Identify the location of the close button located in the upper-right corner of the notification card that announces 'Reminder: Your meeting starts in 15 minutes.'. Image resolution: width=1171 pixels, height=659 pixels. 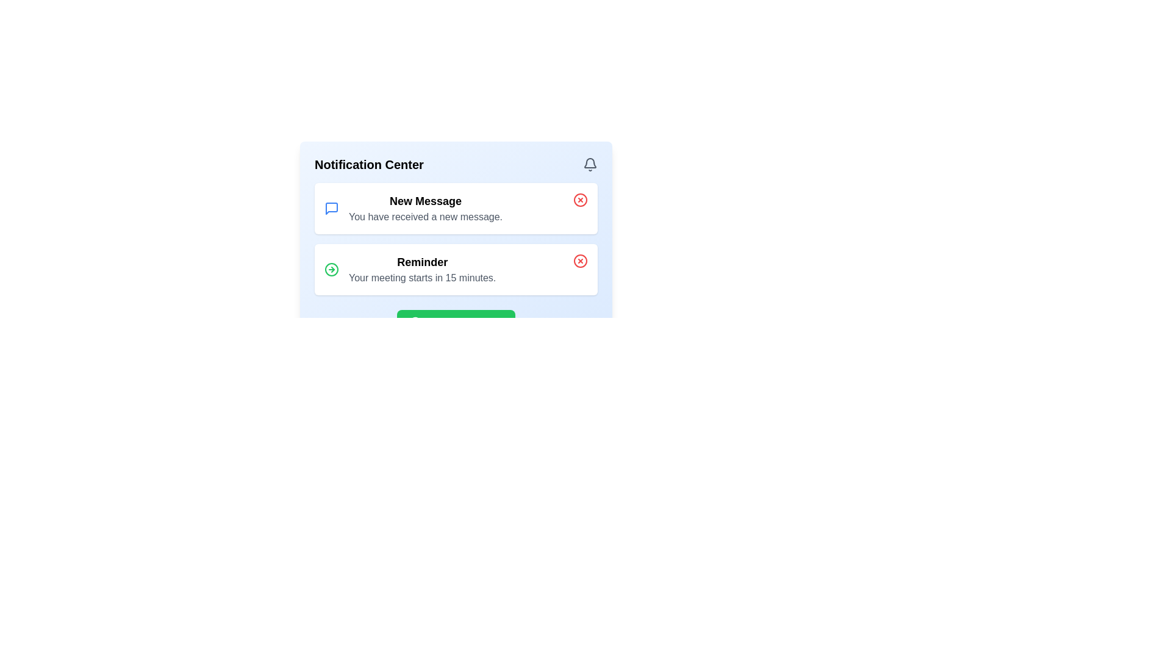
(579, 261).